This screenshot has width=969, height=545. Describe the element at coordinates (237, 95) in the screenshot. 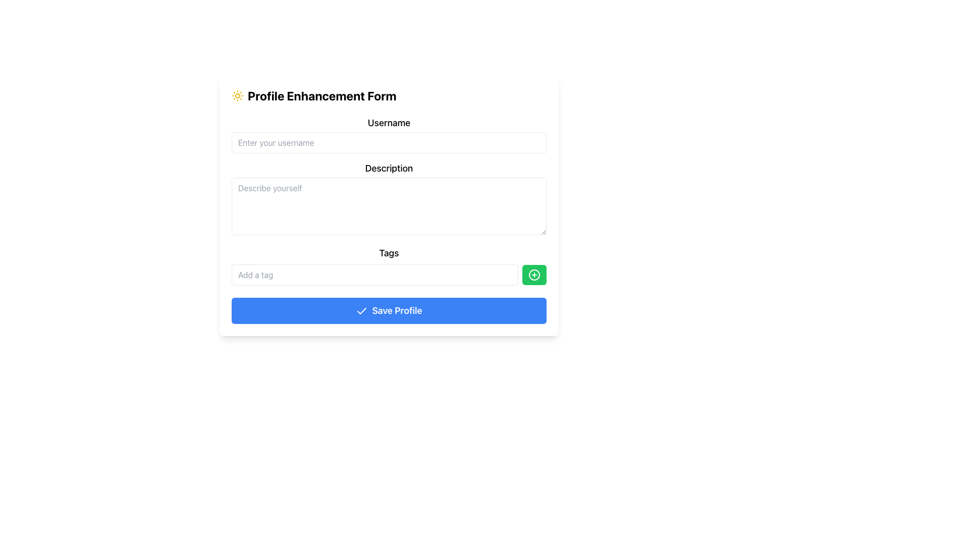

I see `the decorative icon located to the left of the 'Profile Enhancement Form' heading in the header section of the form` at that location.